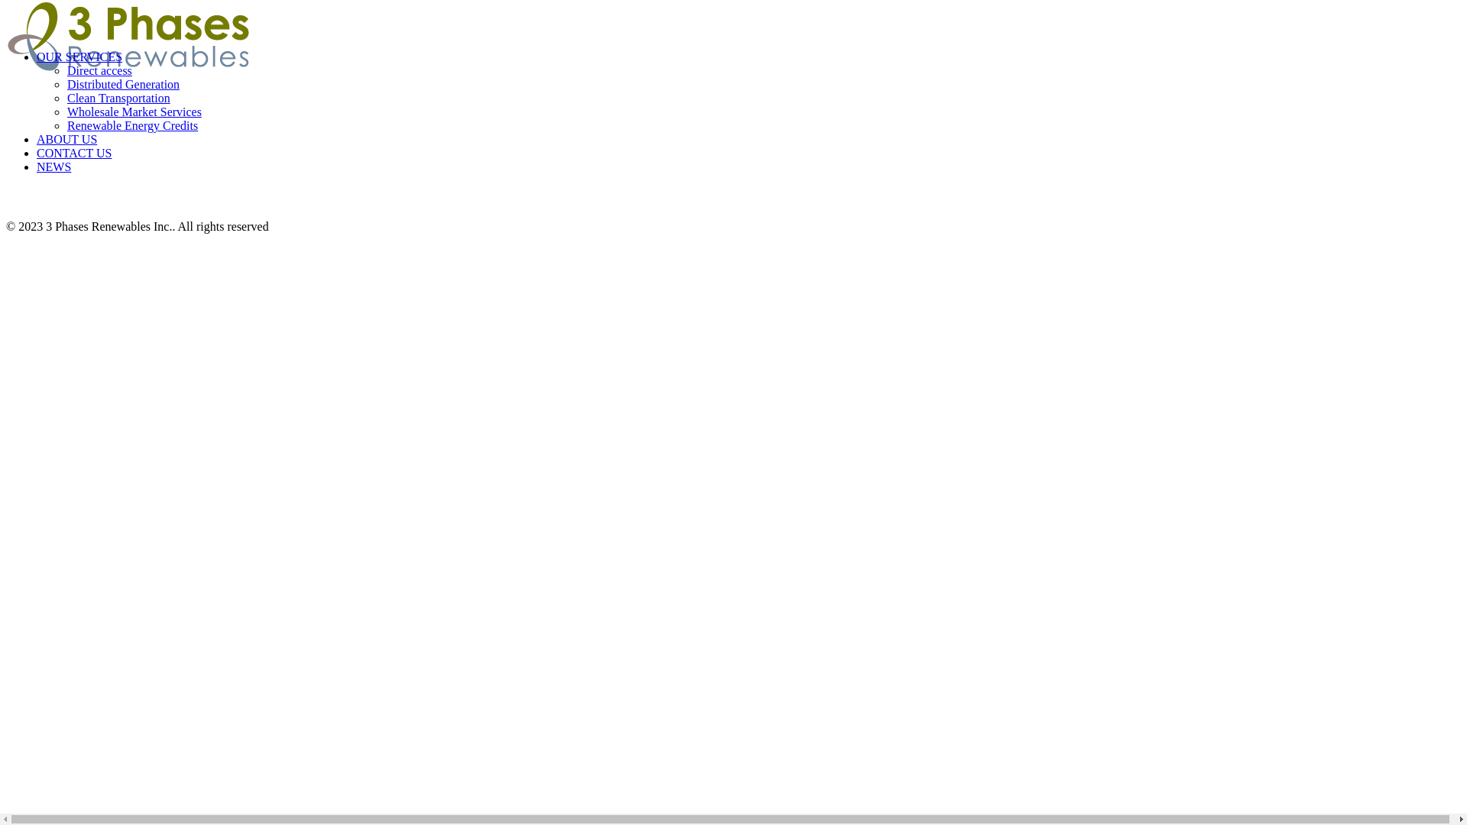 The width and height of the screenshot is (1467, 825). Describe the element at coordinates (53, 167) in the screenshot. I see `'NEWS'` at that location.